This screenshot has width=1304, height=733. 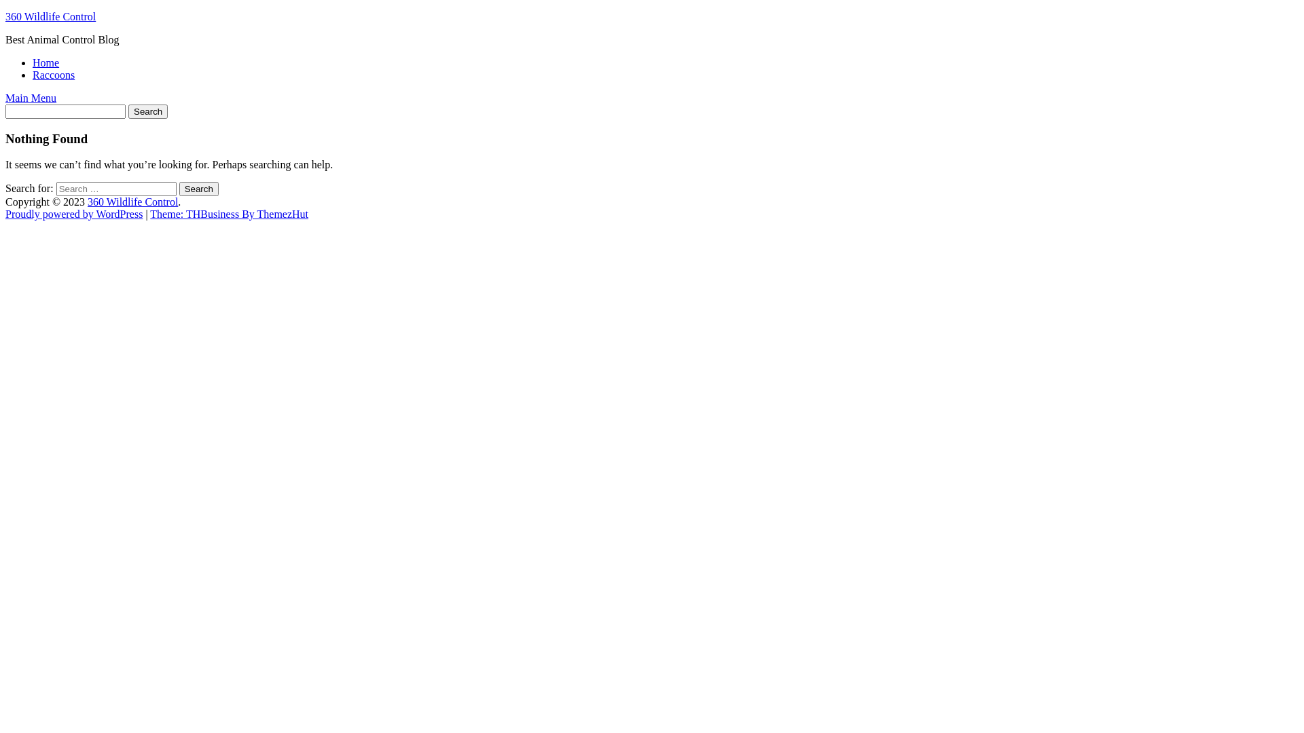 What do you see at coordinates (33, 75) in the screenshot?
I see `'Raccoons'` at bounding box center [33, 75].